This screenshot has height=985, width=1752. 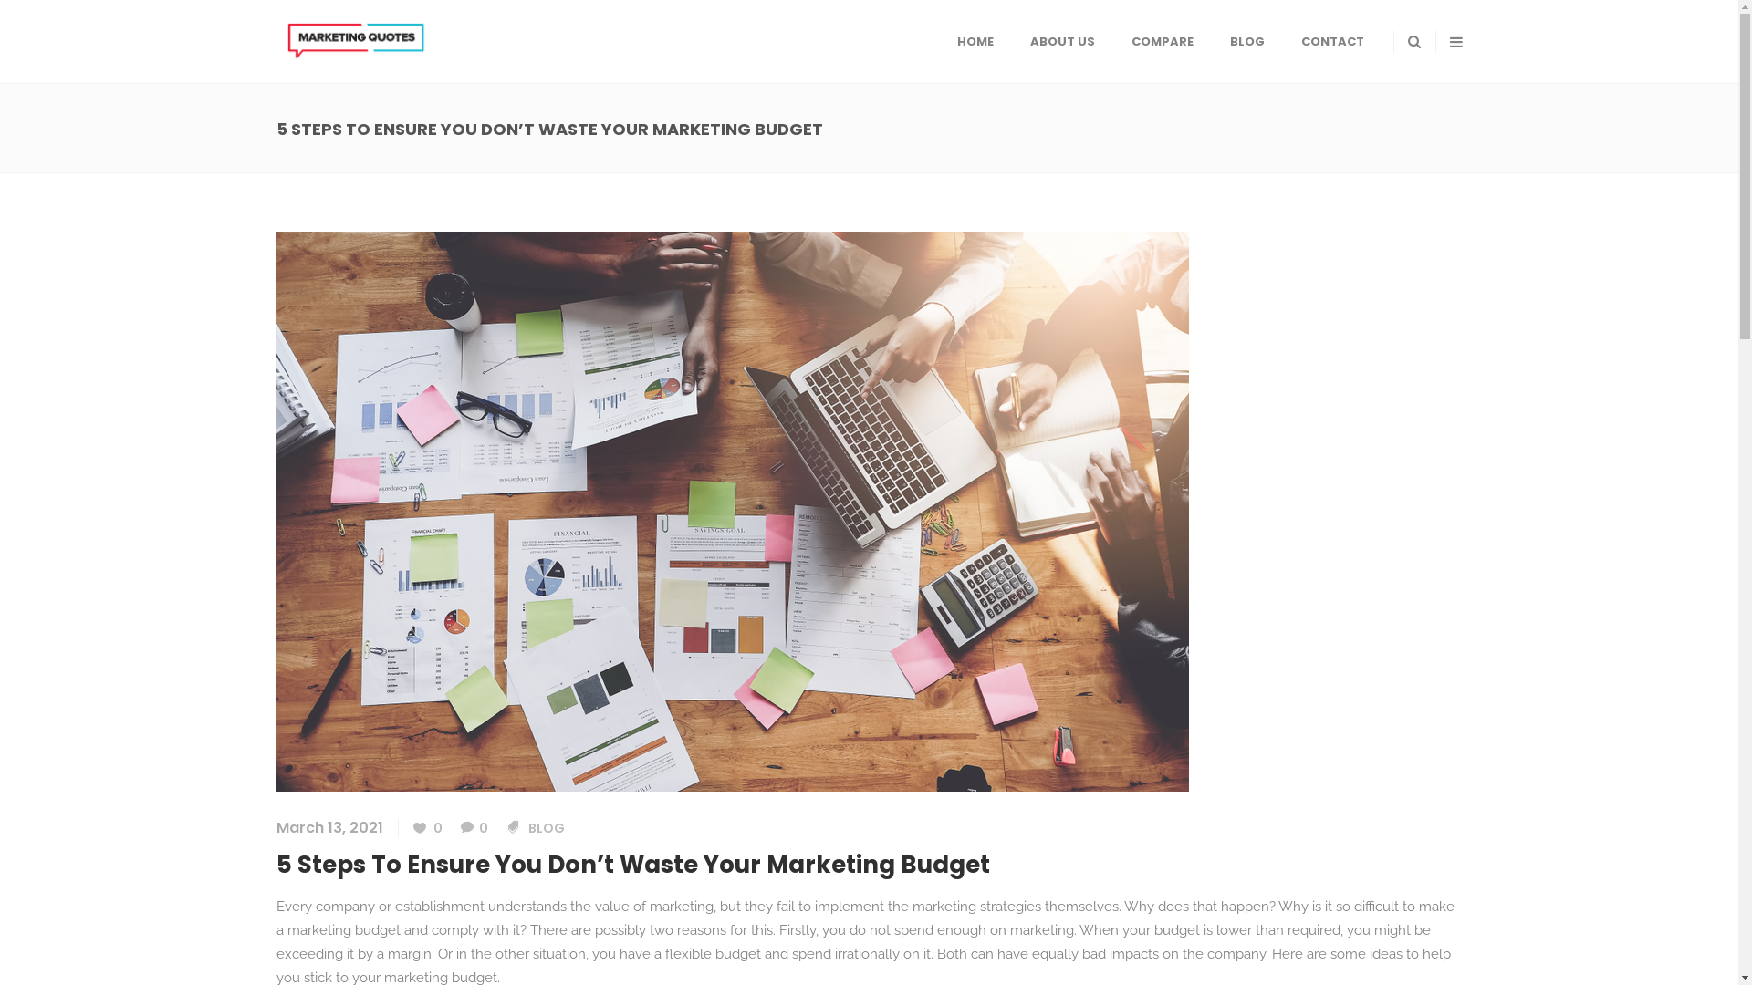 What do you see at coordinates (1161, 41) in the screenshot?
I see `'COMPARE'` at bounding box center [1161, 41].